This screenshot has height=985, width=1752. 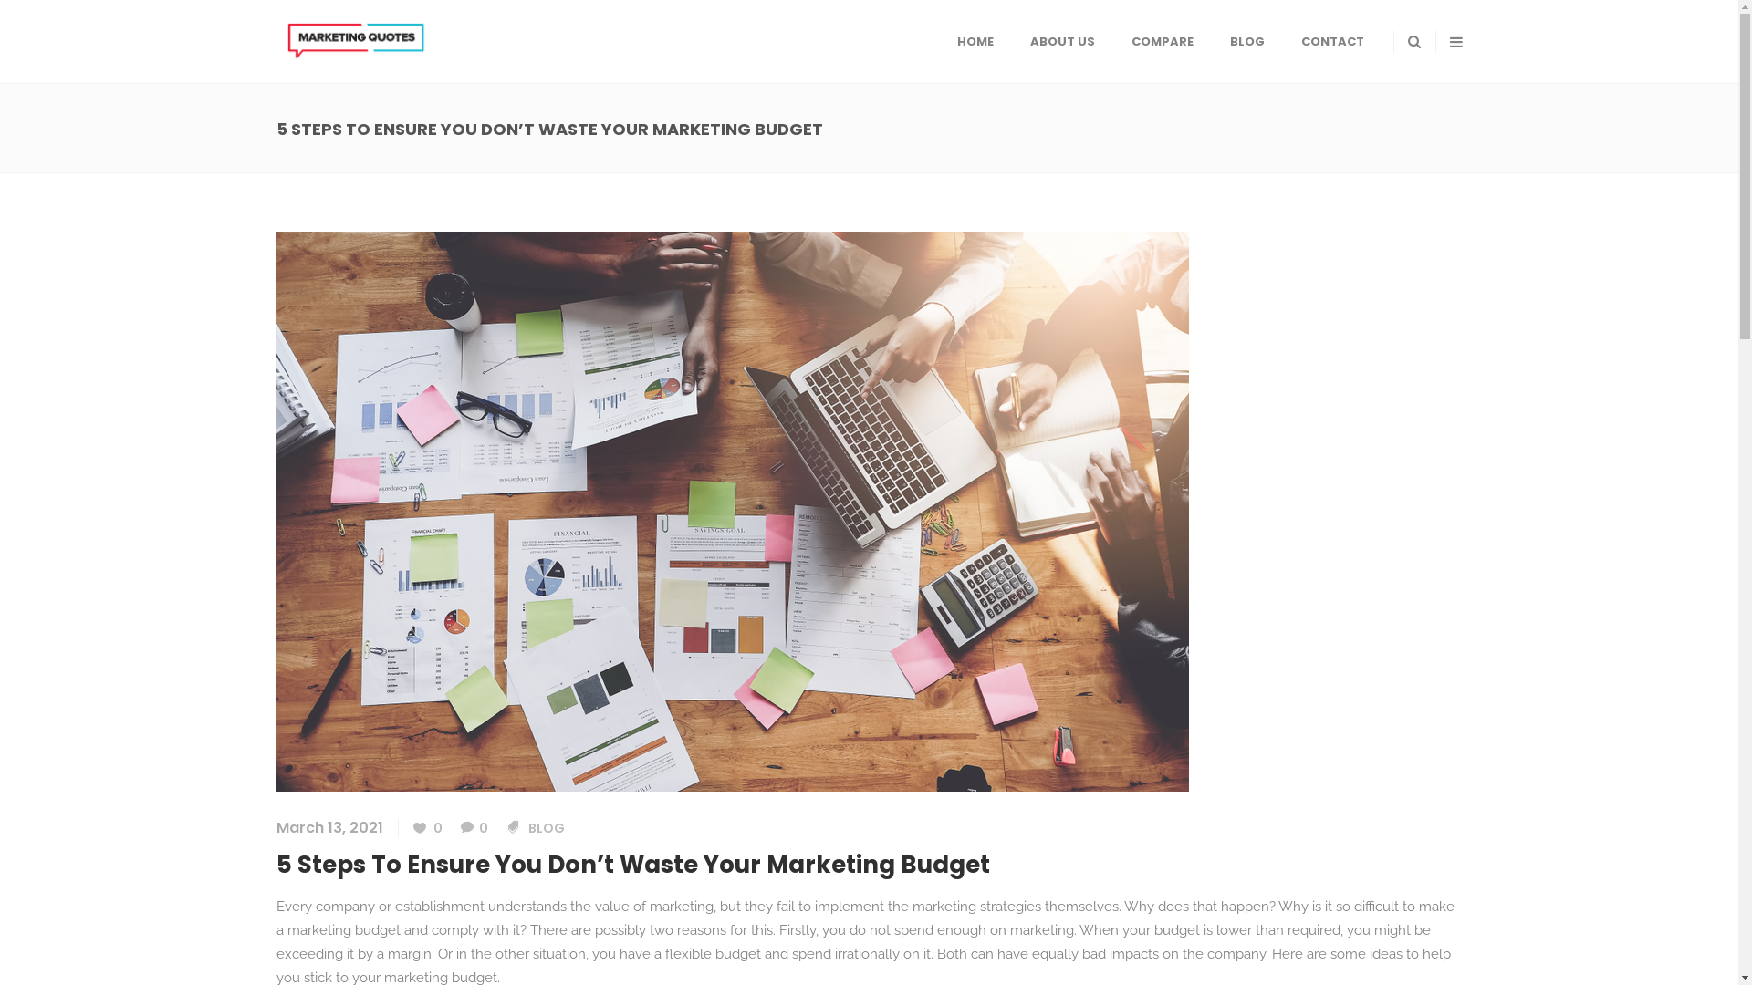 What do you see at coordinates (1161, 41) in the screenshot?
I see `'COMPARE'` at bounding box center [1161, 41].